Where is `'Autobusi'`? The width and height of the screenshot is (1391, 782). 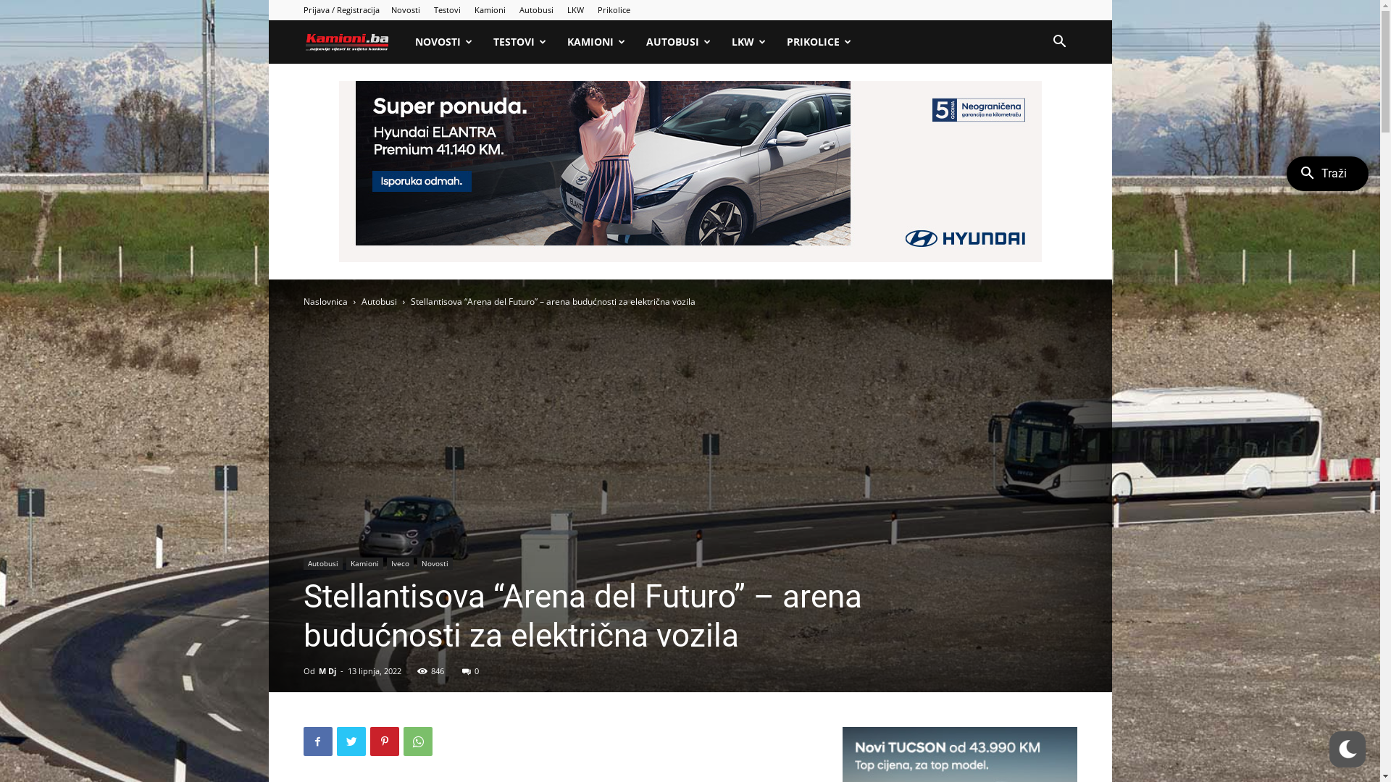
'Autobusi' is located at coordinates (518, 9).